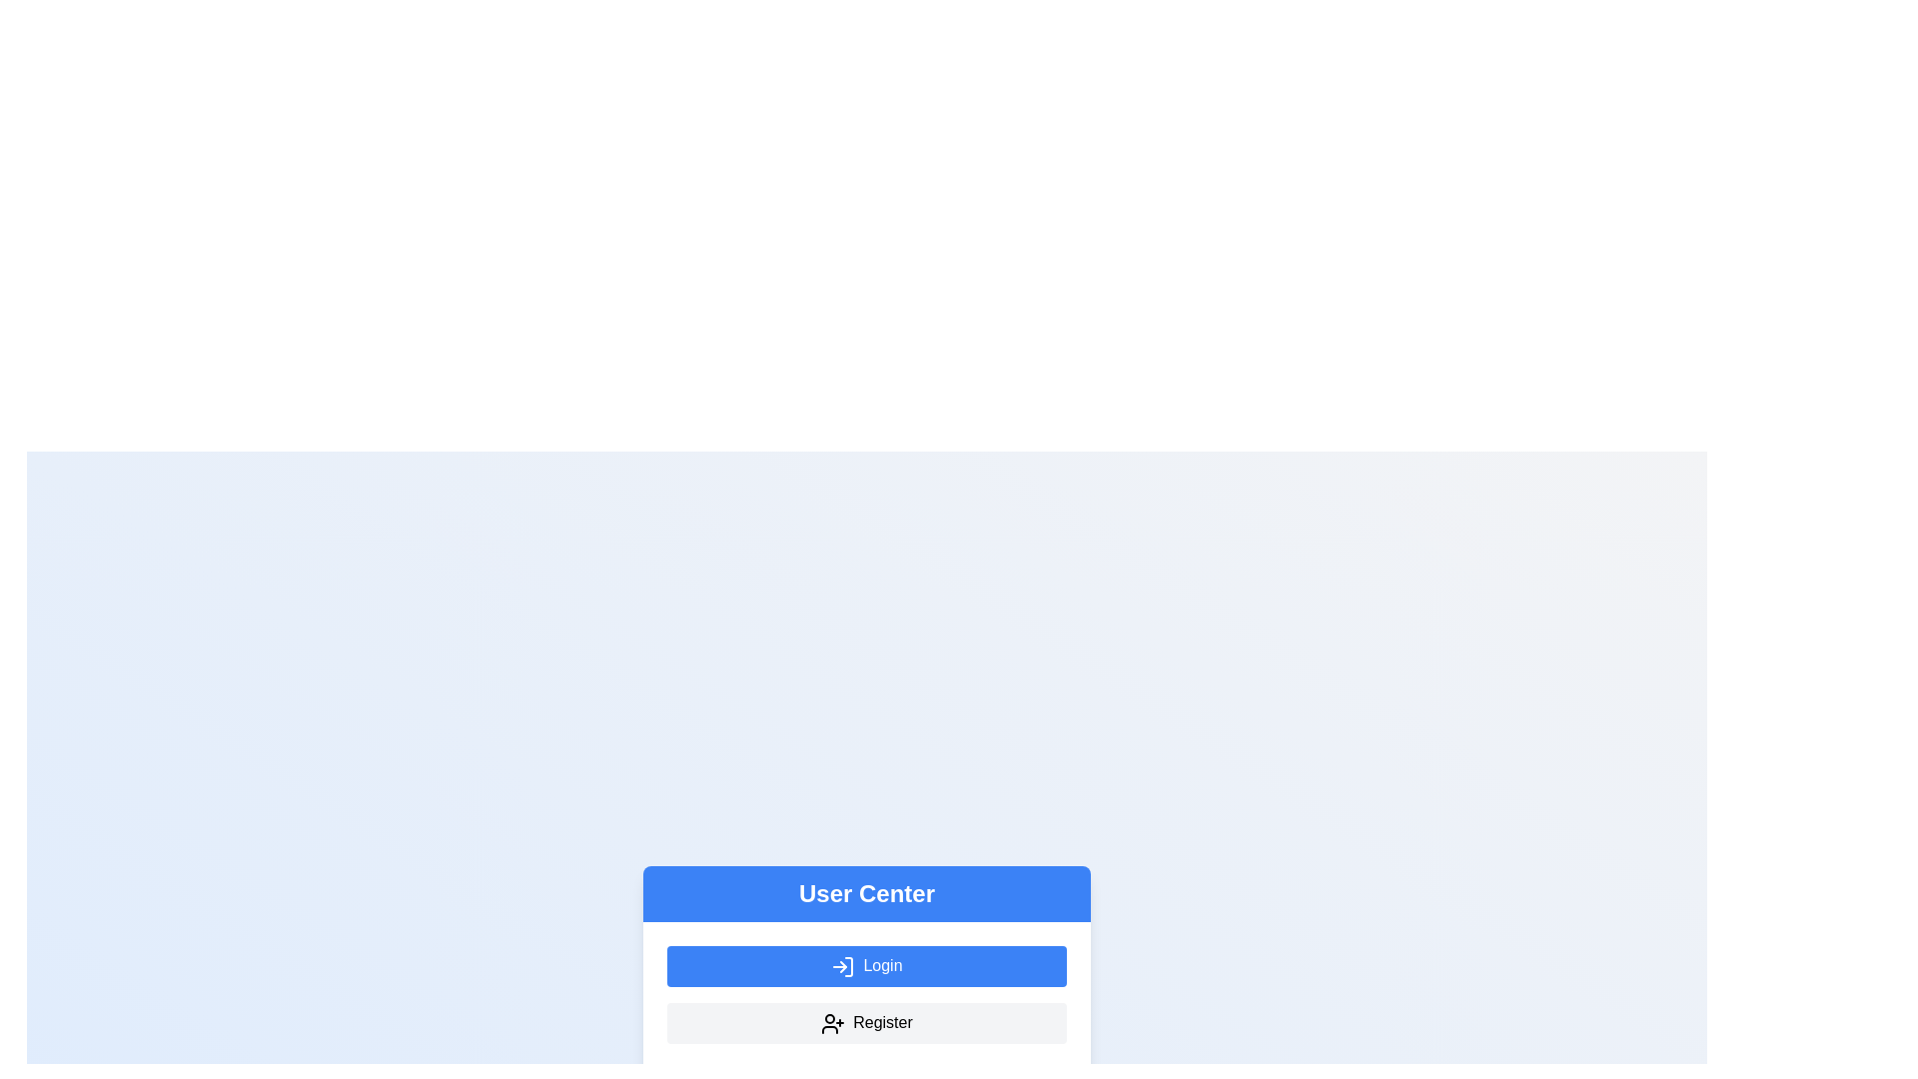 The image size is (1918, 1079). What do you see at coordinates (843, 966) in the screenshot?
I see `the arrow graphical vector shape within the login icon` at bounding box center [843, 966].